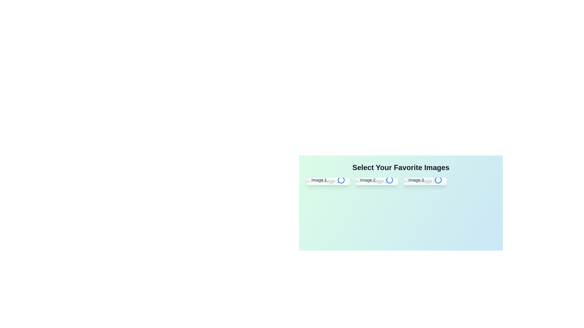  I want to click on selection icon button for the image tile labeled Image 1, so click(341, 180).